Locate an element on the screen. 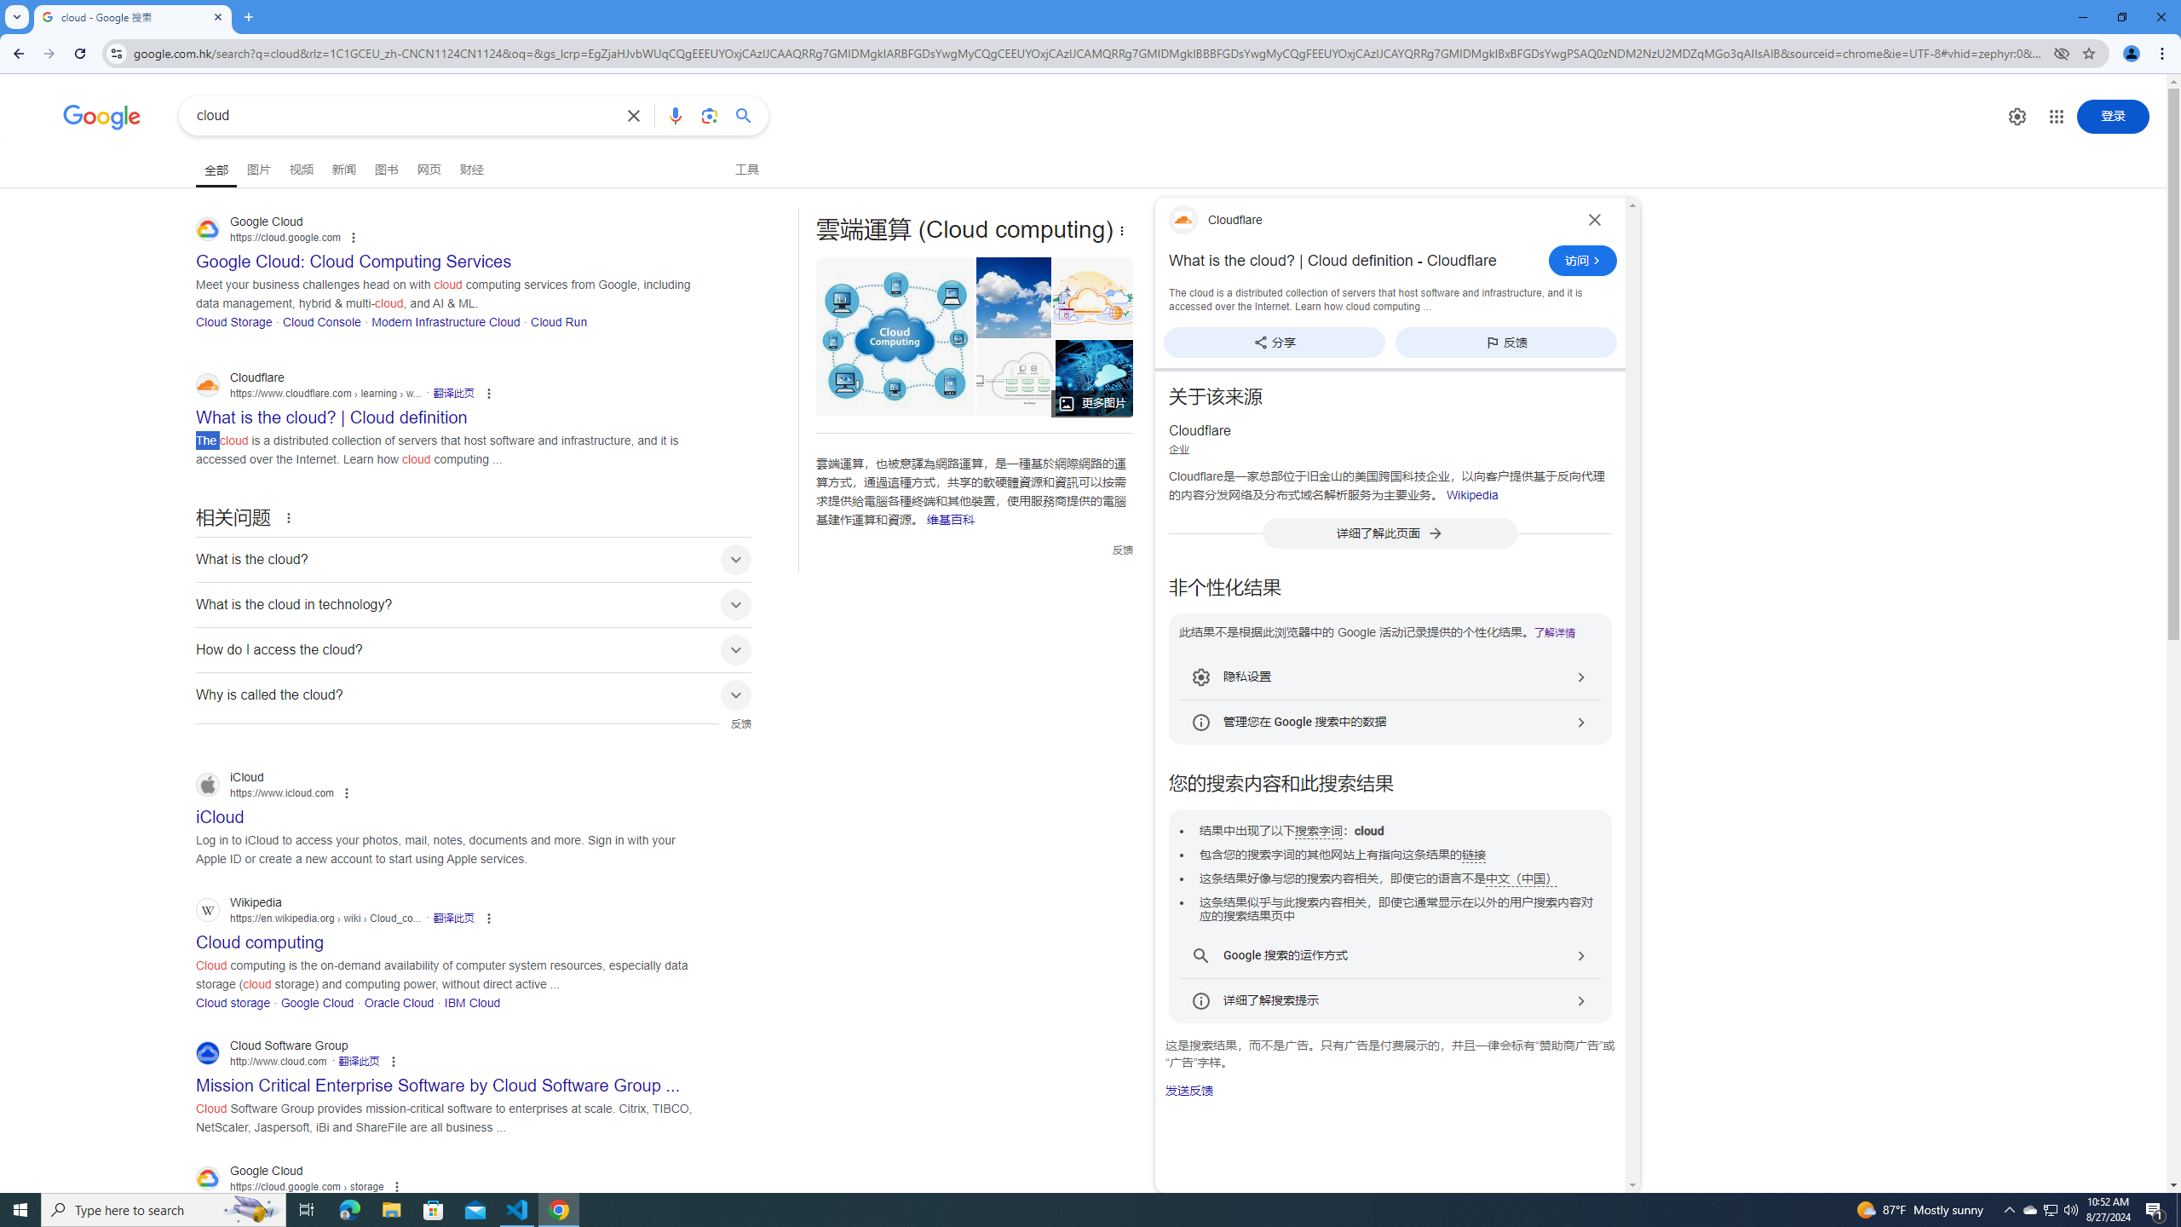 The height and width of the screenshot is (1227, 2181). 'Oracle Cloud' is located at coordinates (399, 1001).